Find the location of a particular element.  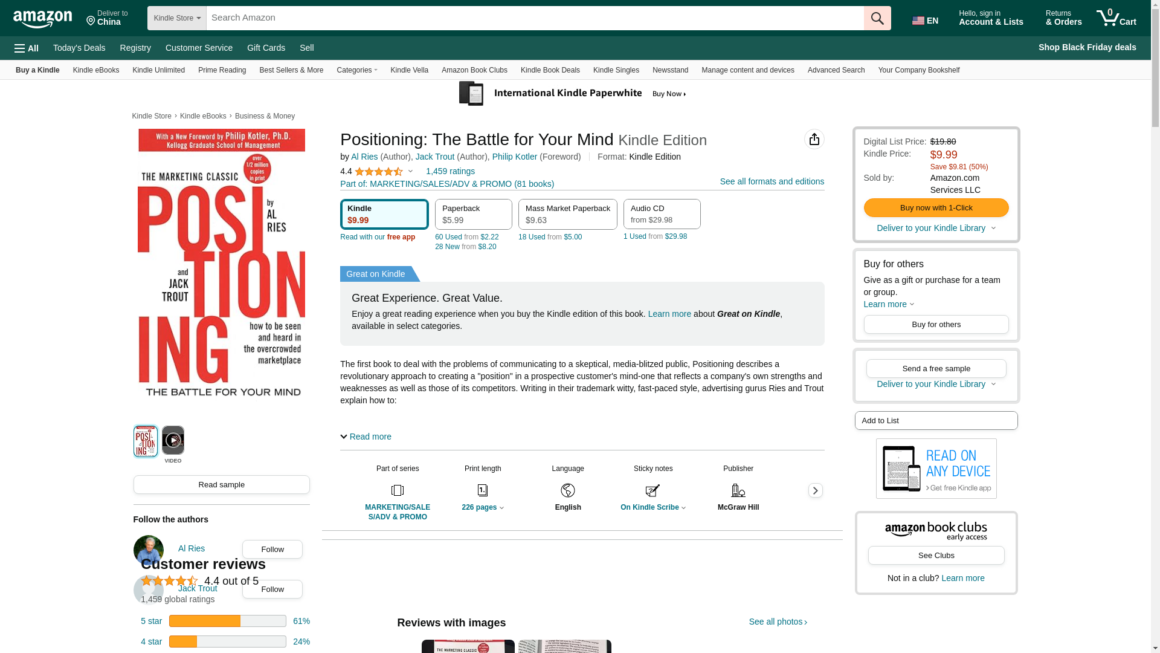

'Philip Kotler' is located at coordinates (515, 155).